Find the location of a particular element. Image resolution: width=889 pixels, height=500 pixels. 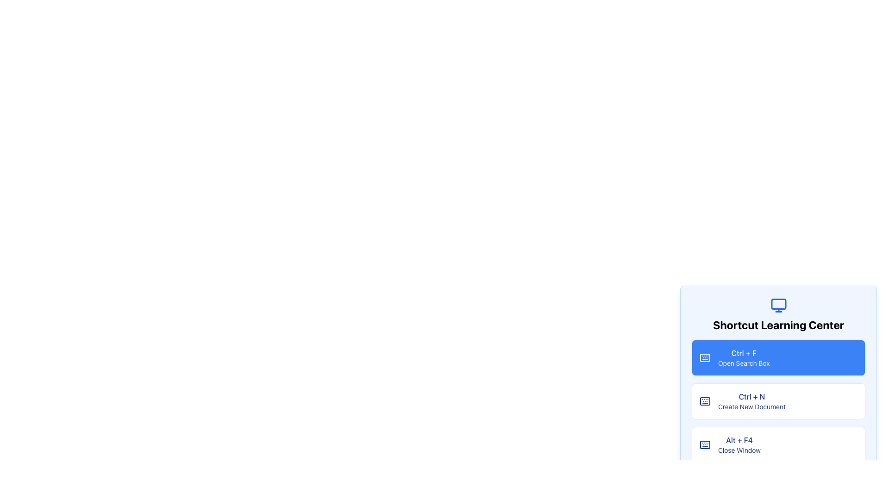

the blue computer monitor icon located at the top of the 'Shortcut Learning Center' banner, above the text 'Shortcut Learning Center.' is located at coordinates (778, 305).